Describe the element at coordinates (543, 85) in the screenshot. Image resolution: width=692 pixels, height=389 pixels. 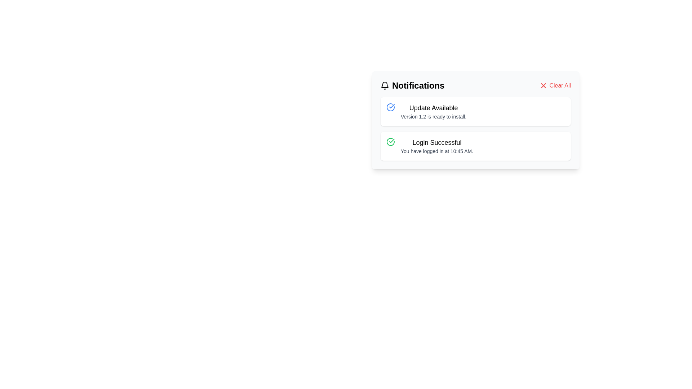
I see `the 'X' icon in the top-right corner of the notification card` at that location.